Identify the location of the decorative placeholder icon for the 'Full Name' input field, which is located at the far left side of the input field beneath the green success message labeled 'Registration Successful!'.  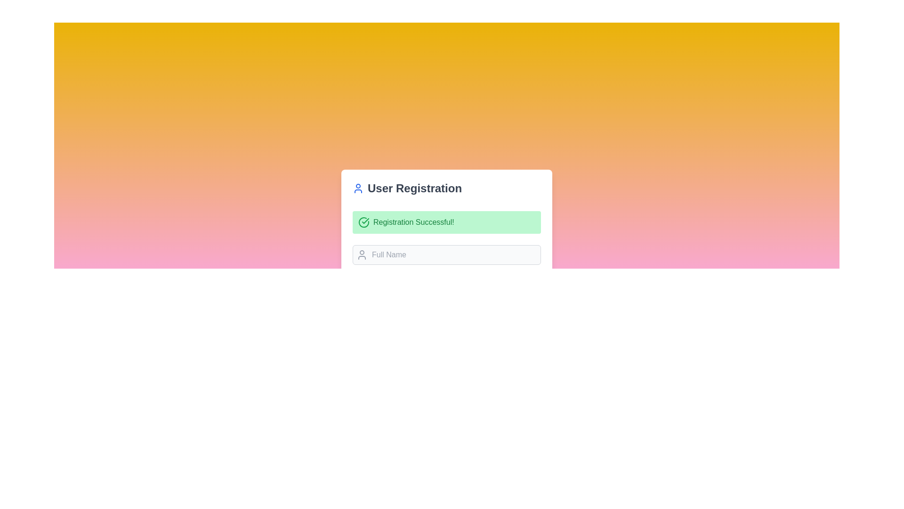
(361, 254).